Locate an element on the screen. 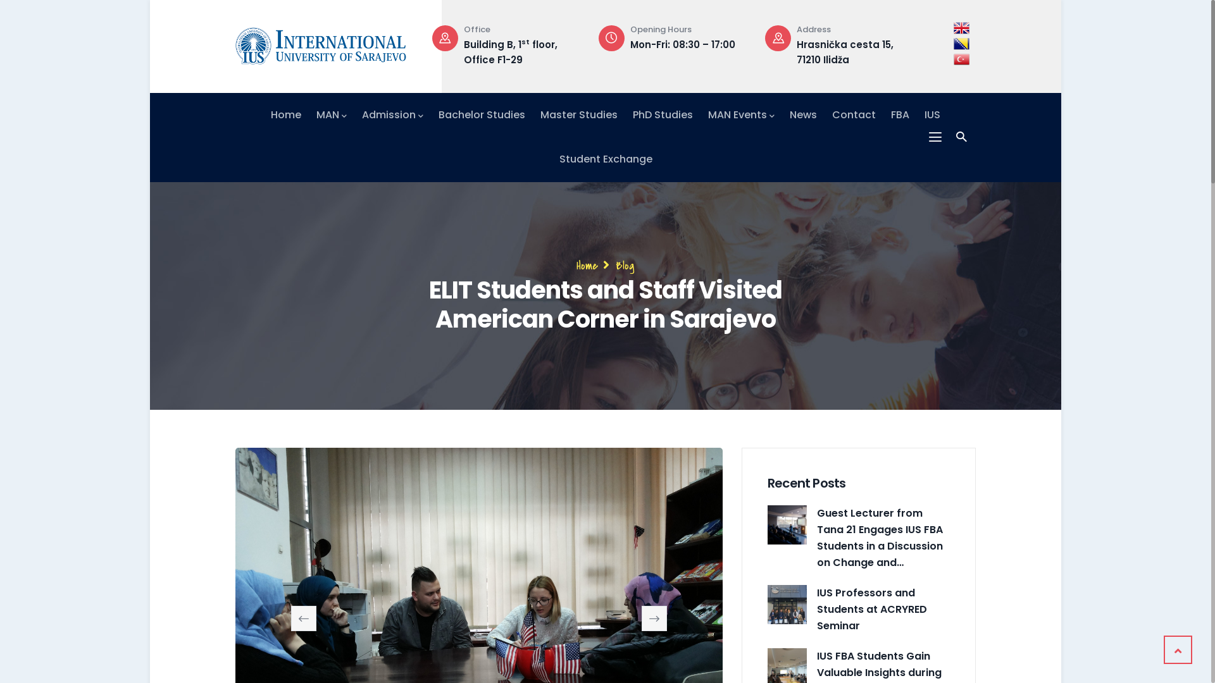 This screenshot has height=683, width=1215. 'MAN Events' is located at coordinates (741, 114).